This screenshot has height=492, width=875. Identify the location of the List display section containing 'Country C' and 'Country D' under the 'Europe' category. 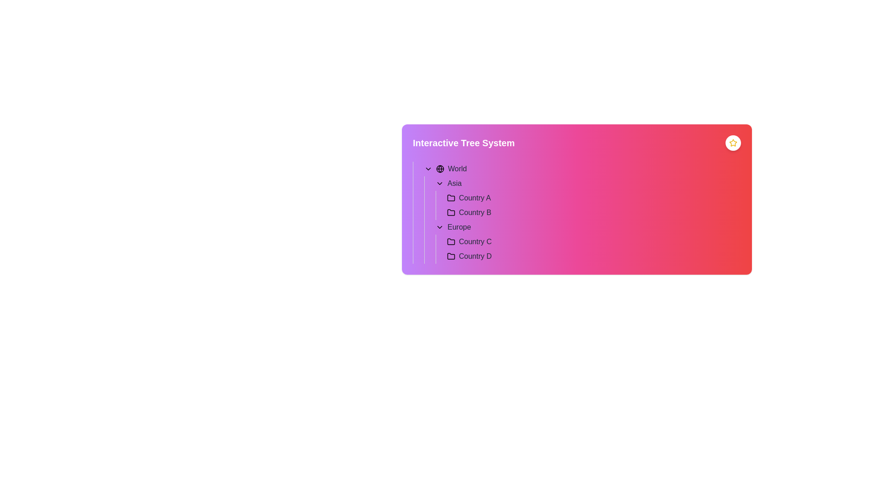
(588, 249).